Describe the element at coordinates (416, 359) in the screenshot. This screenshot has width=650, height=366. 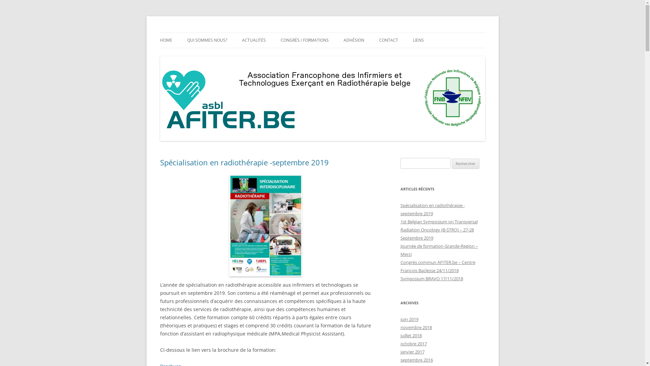
I see `'septembre 2016'` at that location.